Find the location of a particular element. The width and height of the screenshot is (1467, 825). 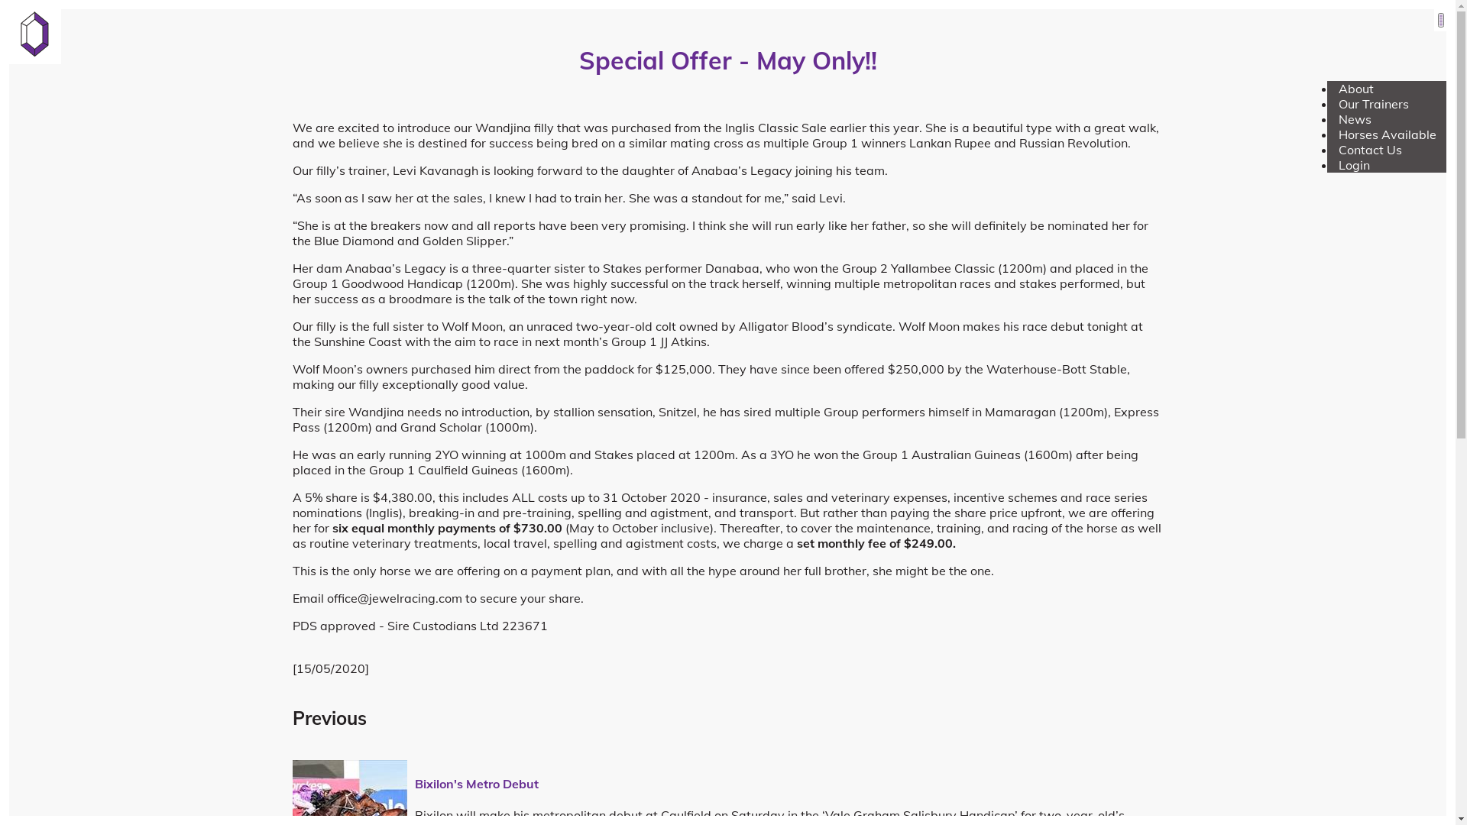

'About' is located at coordinates (1356, 88).